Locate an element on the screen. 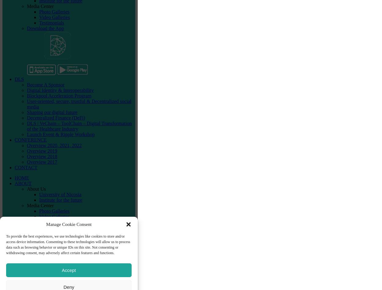 The width and height of the screenshot is (382, 290). 'Manage Cookie Consent' is located at coordinates (46, 223).